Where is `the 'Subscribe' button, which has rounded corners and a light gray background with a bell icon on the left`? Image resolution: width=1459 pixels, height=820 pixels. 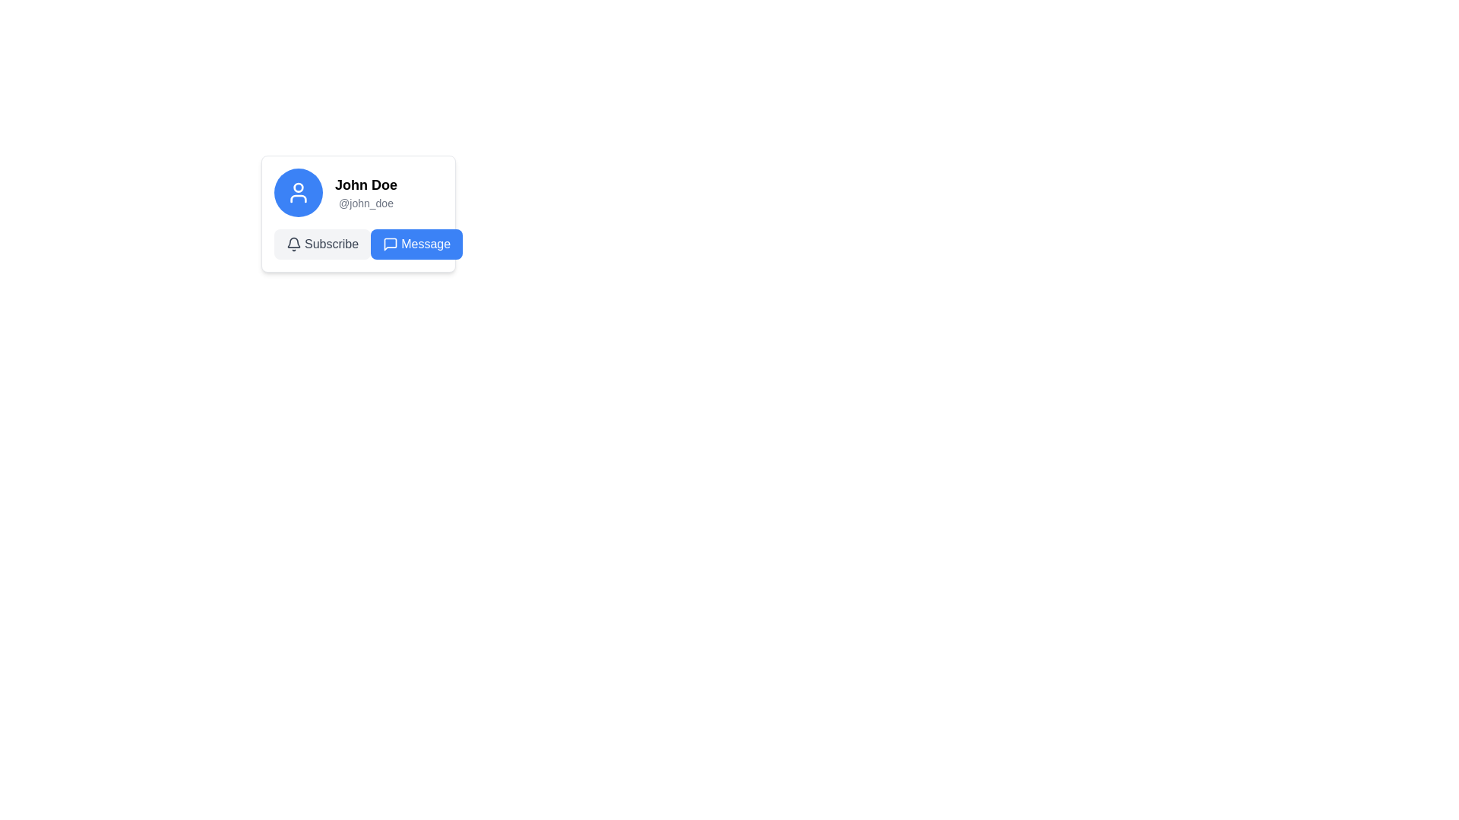
the 'Subscribe' button, which has rounded corners and a light gray background with a bell icon on the left is located at coordinates (321, 243).